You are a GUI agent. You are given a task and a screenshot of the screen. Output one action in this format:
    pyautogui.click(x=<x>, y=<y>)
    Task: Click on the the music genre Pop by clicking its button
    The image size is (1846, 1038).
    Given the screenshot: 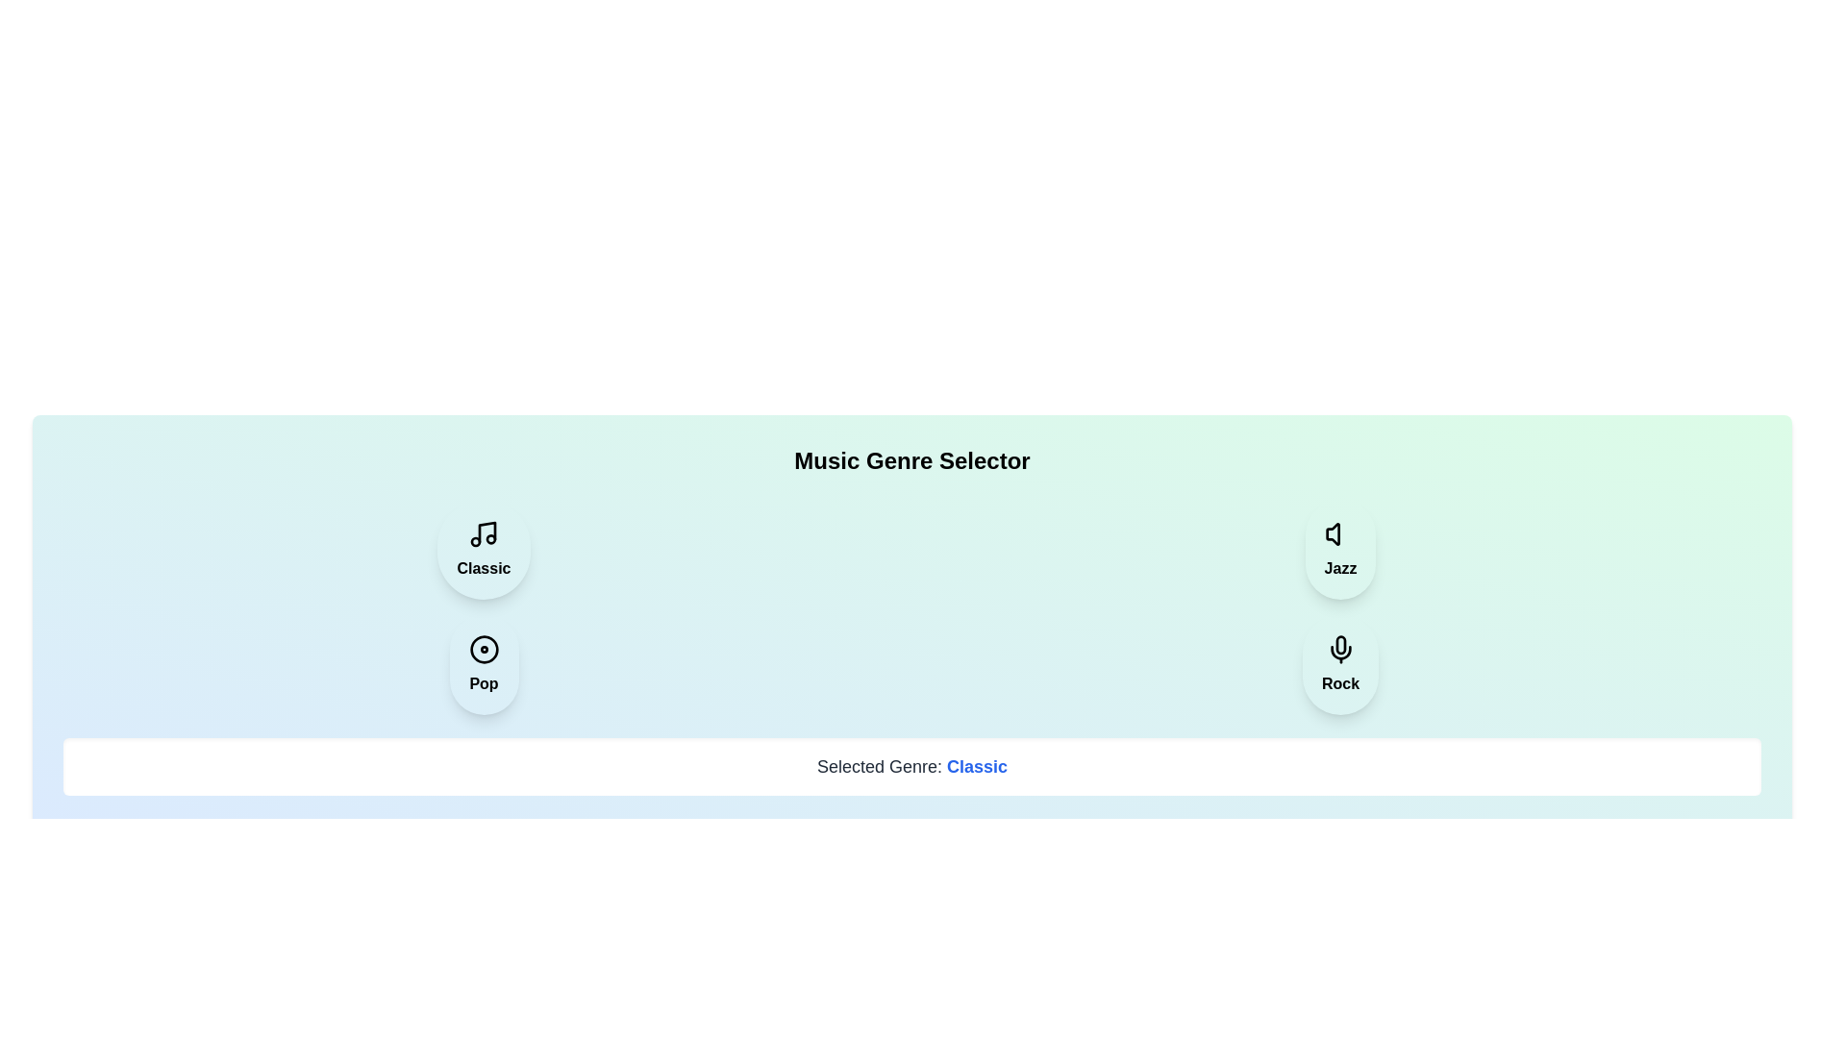 What is the action you would take?
    pyautogui.click(x=484, y=663)
    